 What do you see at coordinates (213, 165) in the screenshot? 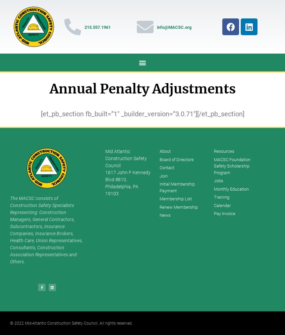
I see `'MACSC Foundation Safety Scholarship Program'` at bounding box center [213, 165].